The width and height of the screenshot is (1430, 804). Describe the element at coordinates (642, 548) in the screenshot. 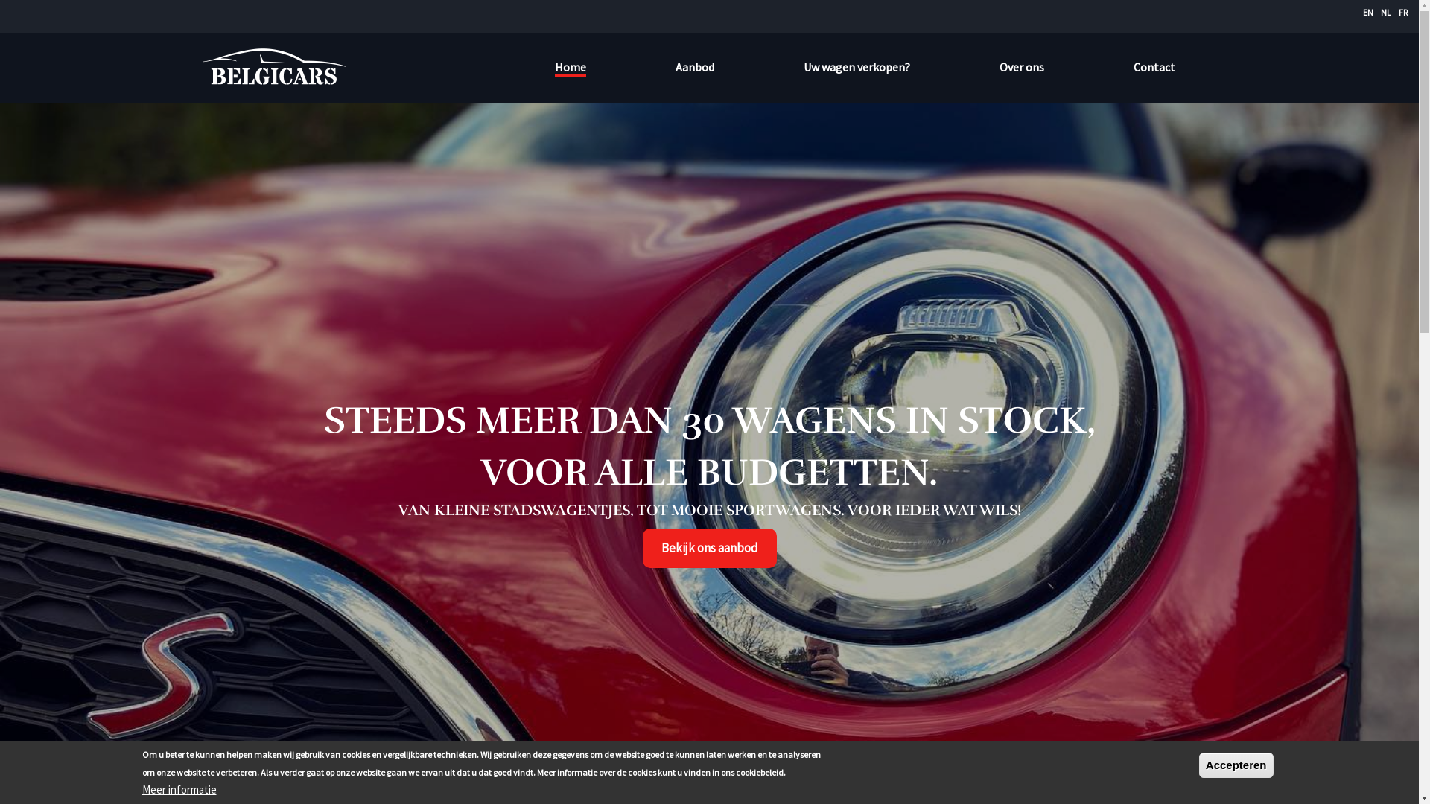

I see `'Bekijk ons aanbod'` at that location.